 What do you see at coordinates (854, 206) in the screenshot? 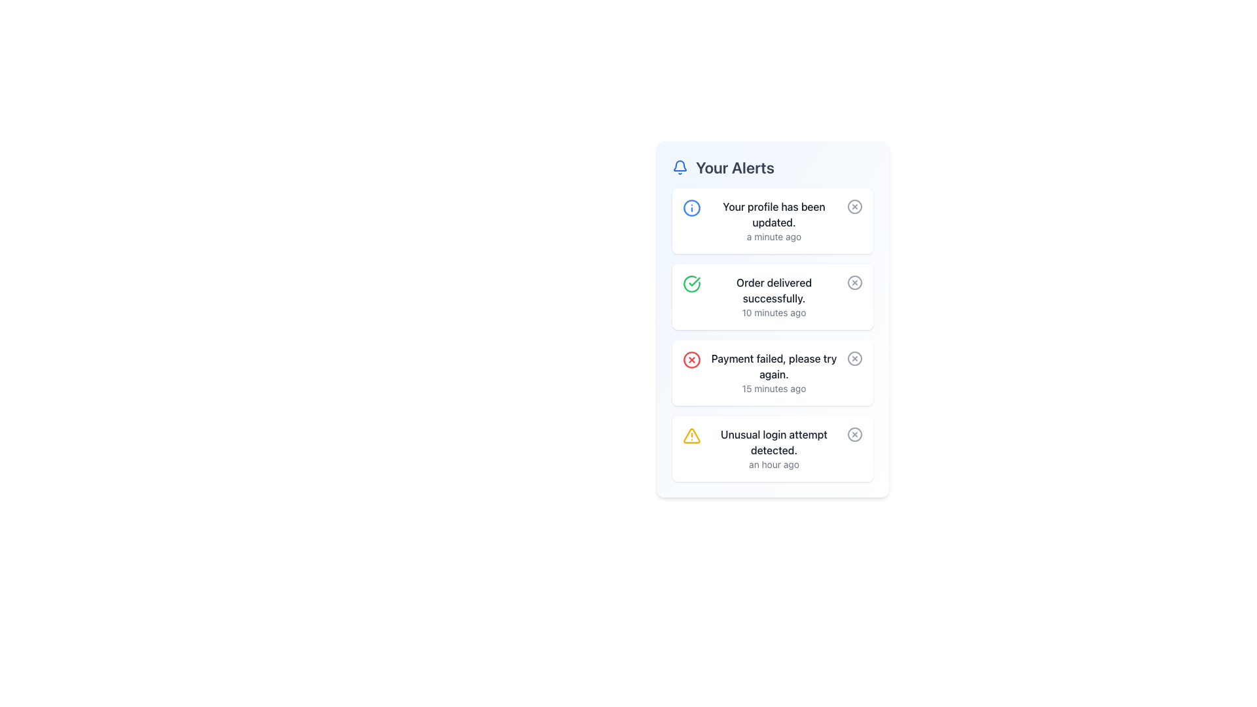
I see `the dismiss button, which is a small circular icon with a gray border and an 'x' symbol, located at the top-right of the 'Your Alerts' card` at bounding box center [854, 206].